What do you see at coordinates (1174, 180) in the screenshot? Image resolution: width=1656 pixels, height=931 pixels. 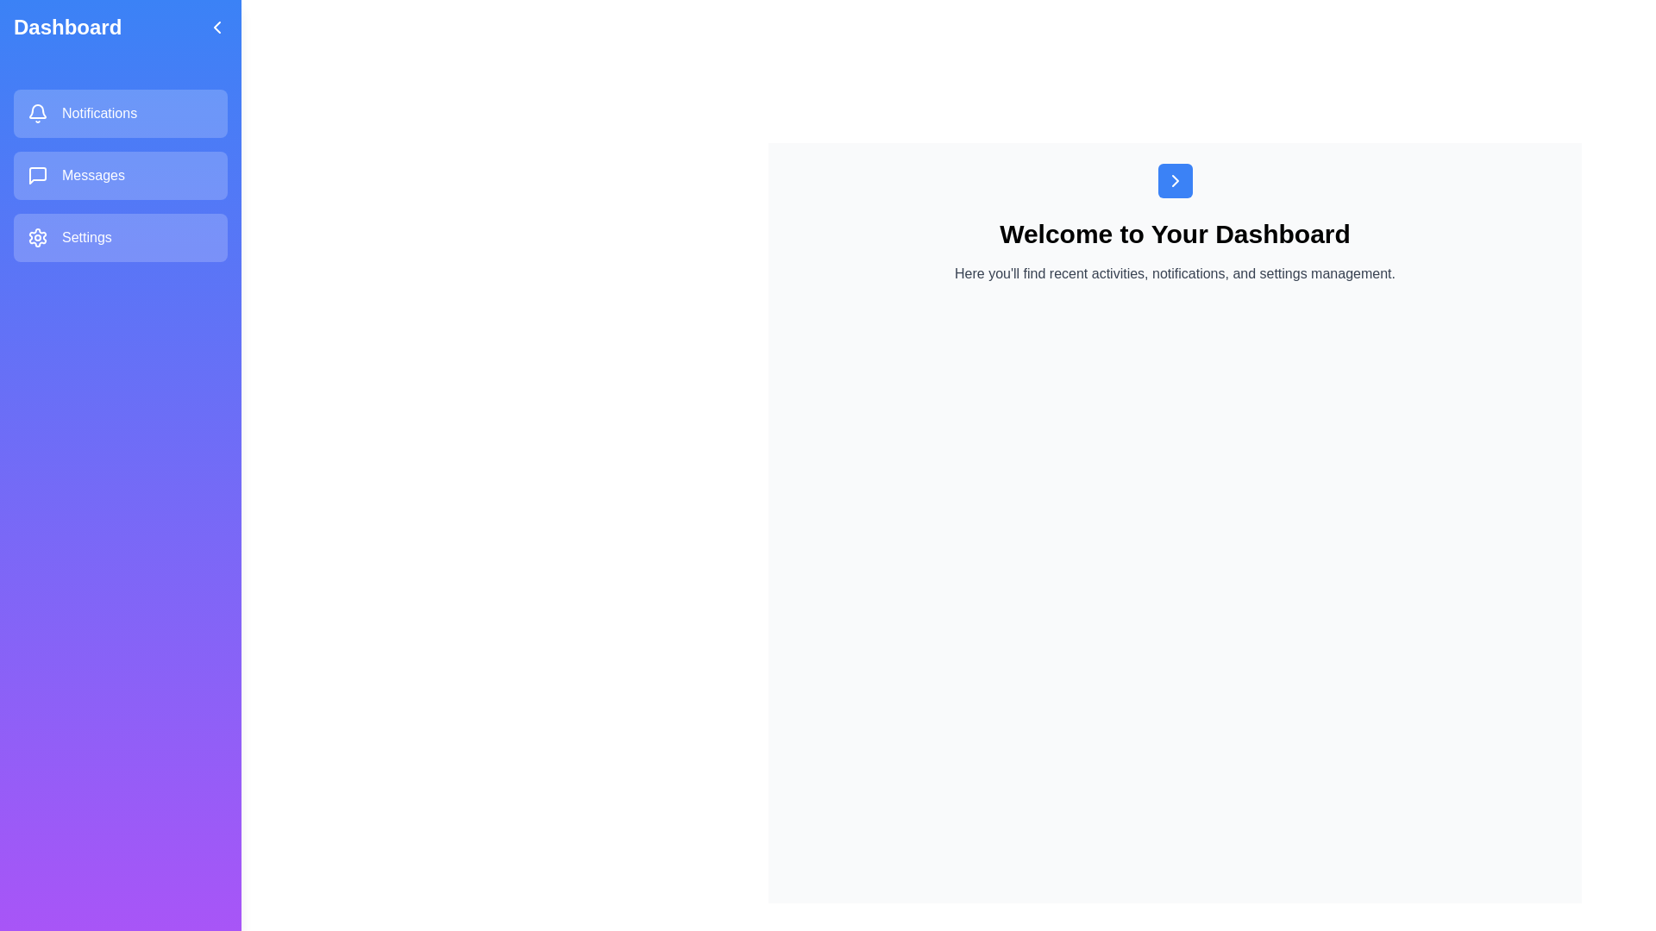 I see `the button to open the sidebar` at bounding box center [1174, 180].